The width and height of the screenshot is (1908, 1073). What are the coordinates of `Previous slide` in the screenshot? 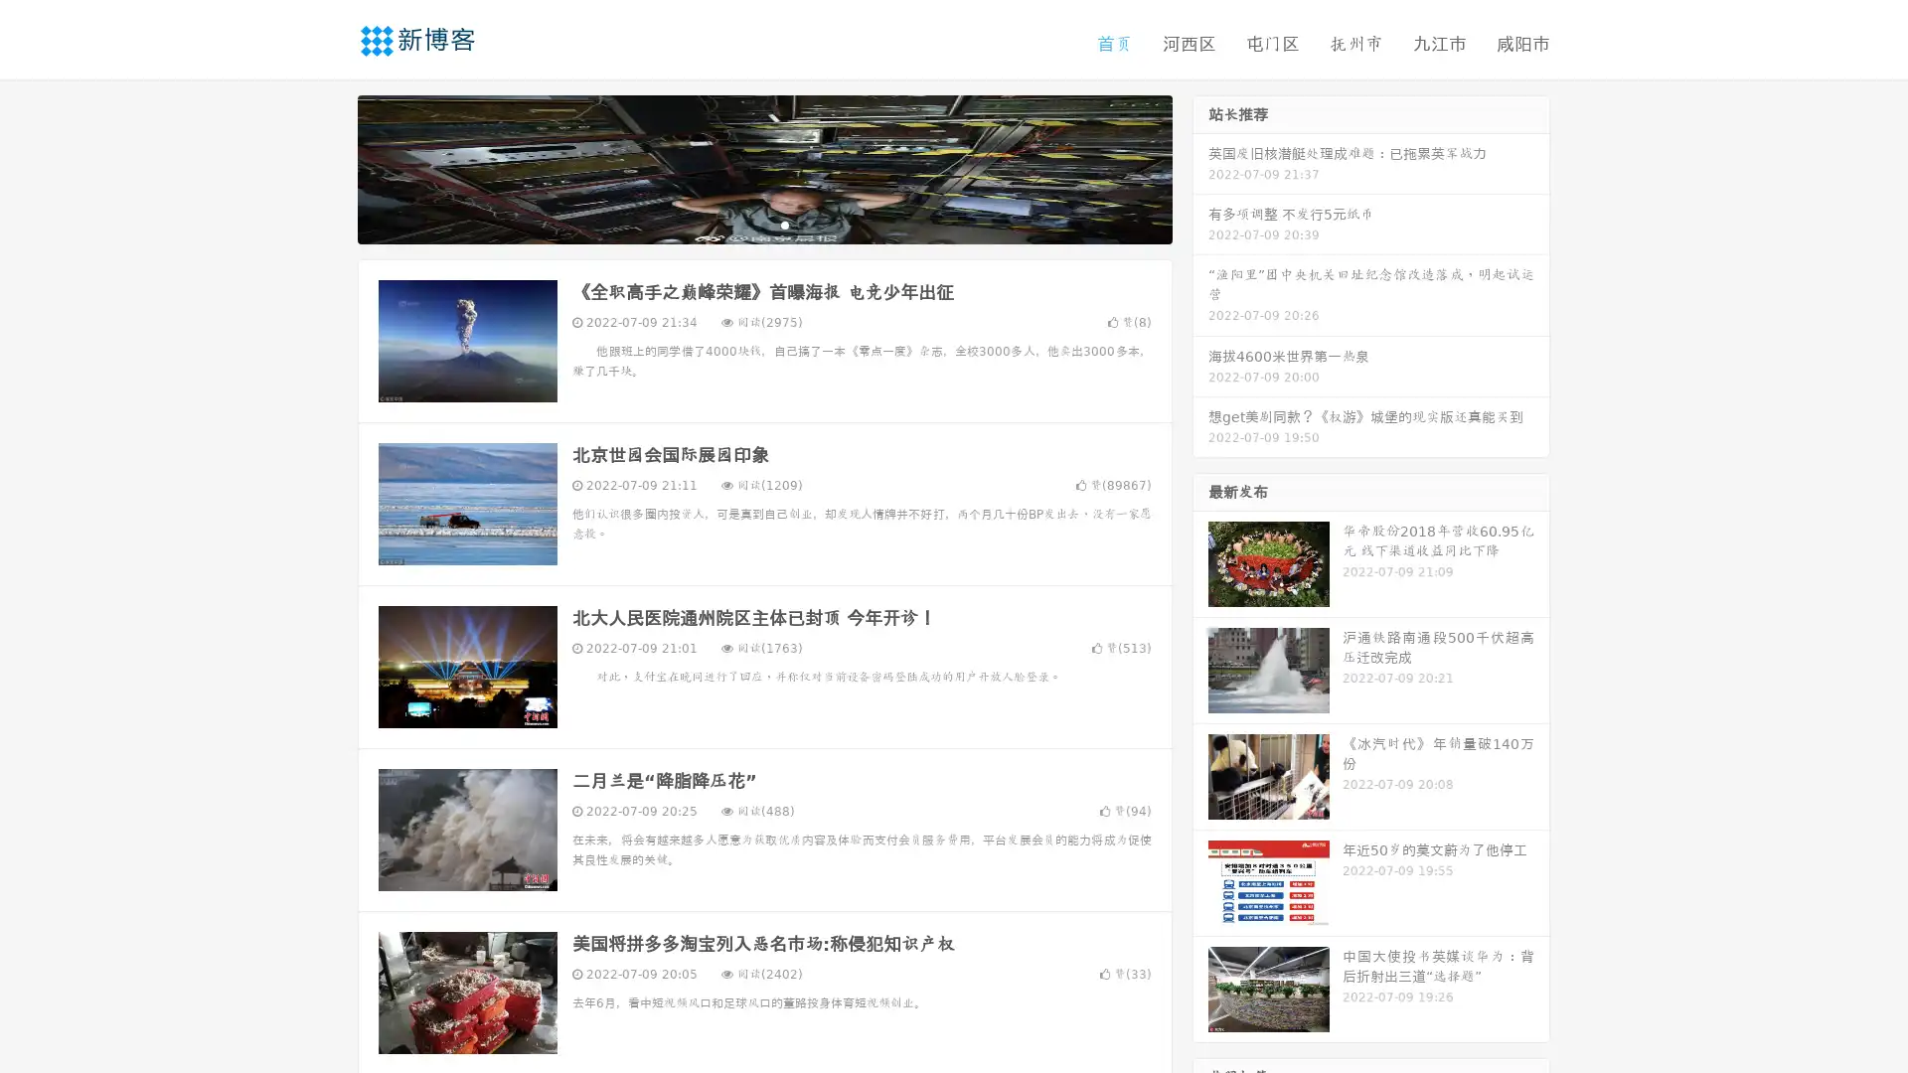 It's located at (328, 167).